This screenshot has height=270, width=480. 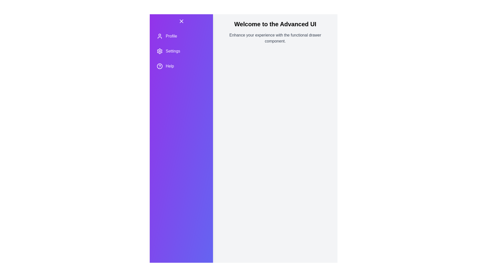 I want to click on the menu item Settings by clicking on it, so click(x=181, y=51).